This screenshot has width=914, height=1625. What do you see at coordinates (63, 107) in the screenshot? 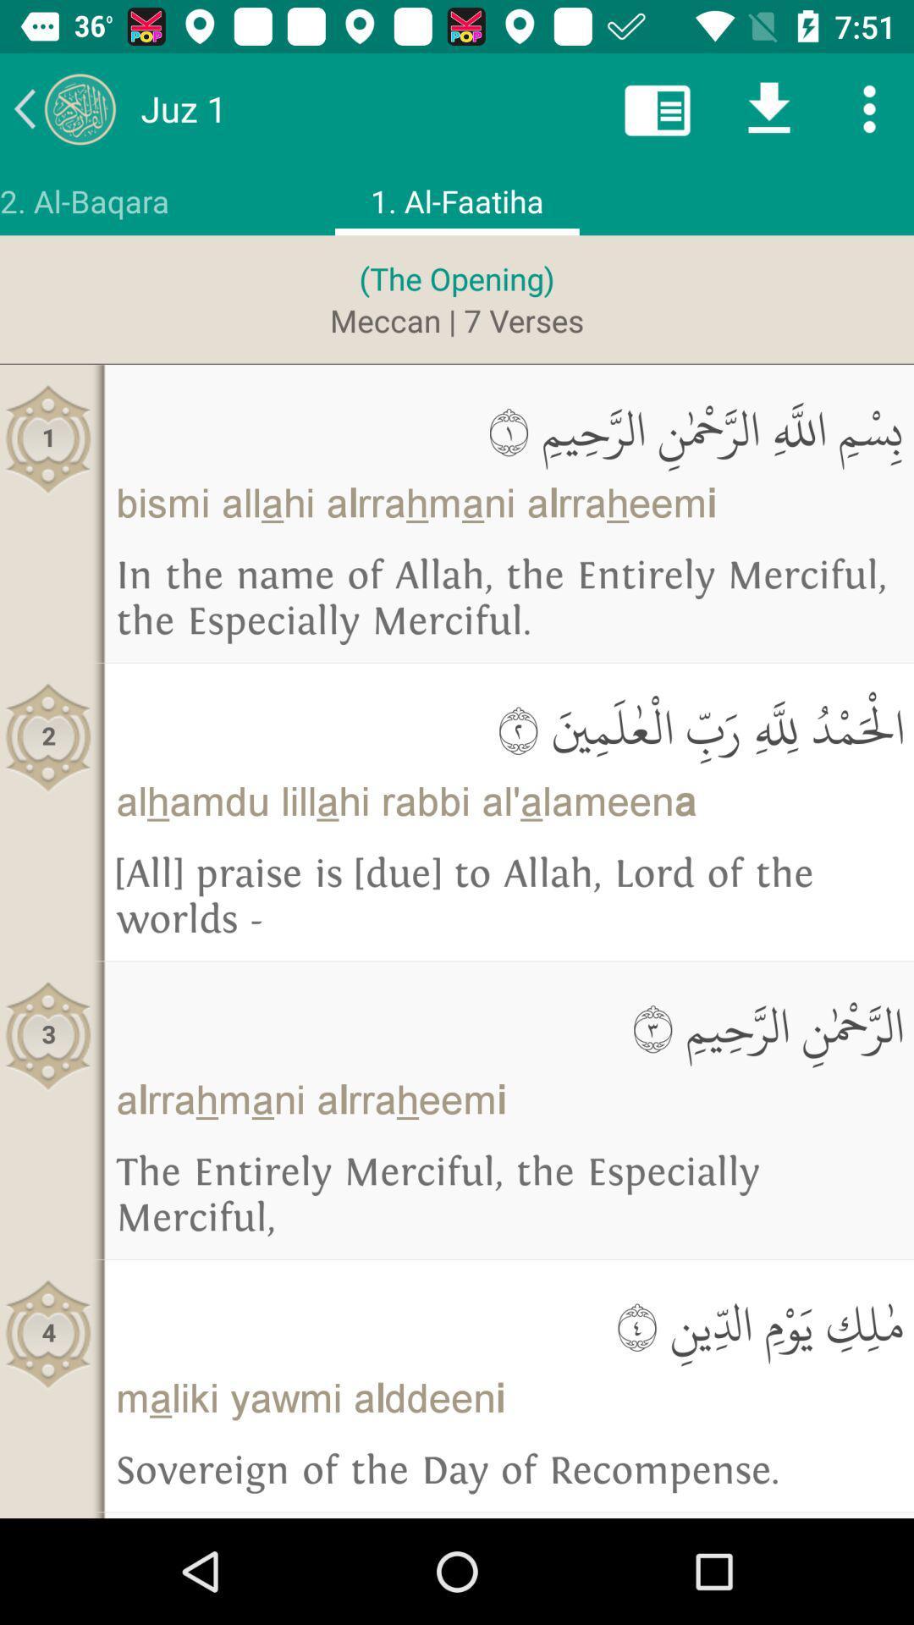
I see `this app use for understand the quran` at bounding box center [63, 107].